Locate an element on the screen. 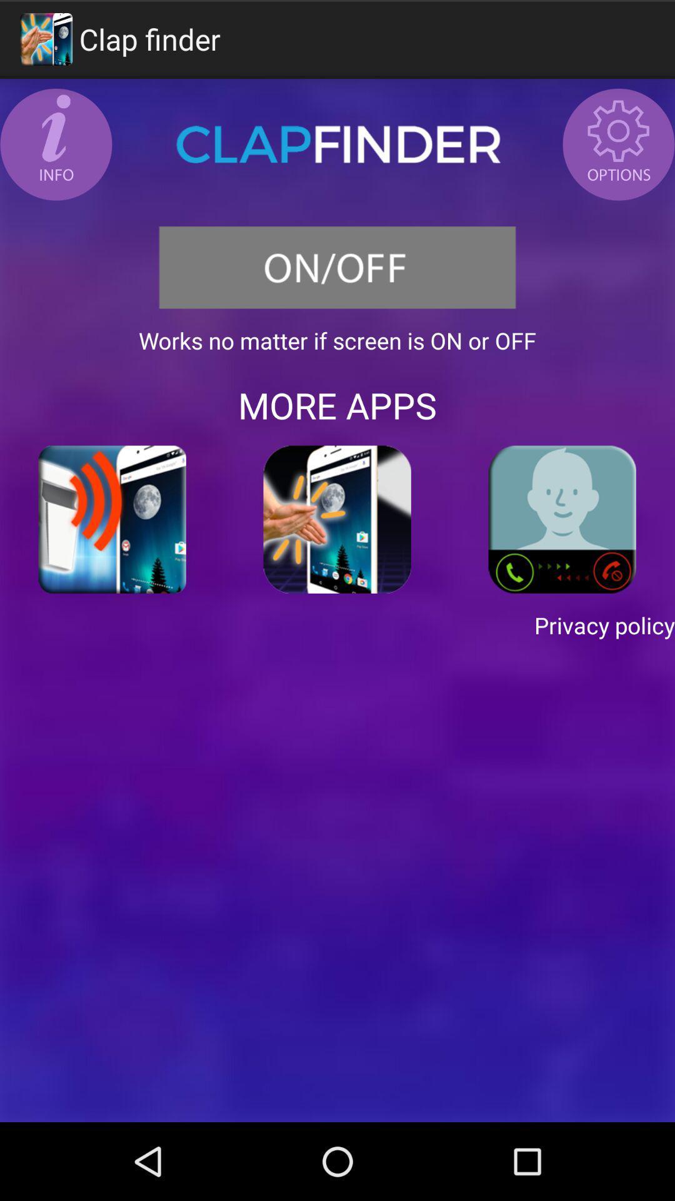 Image resolution: width=675 pixels, height=1201 pixels. the app below works no matter item is located at coordinates (337, 405).